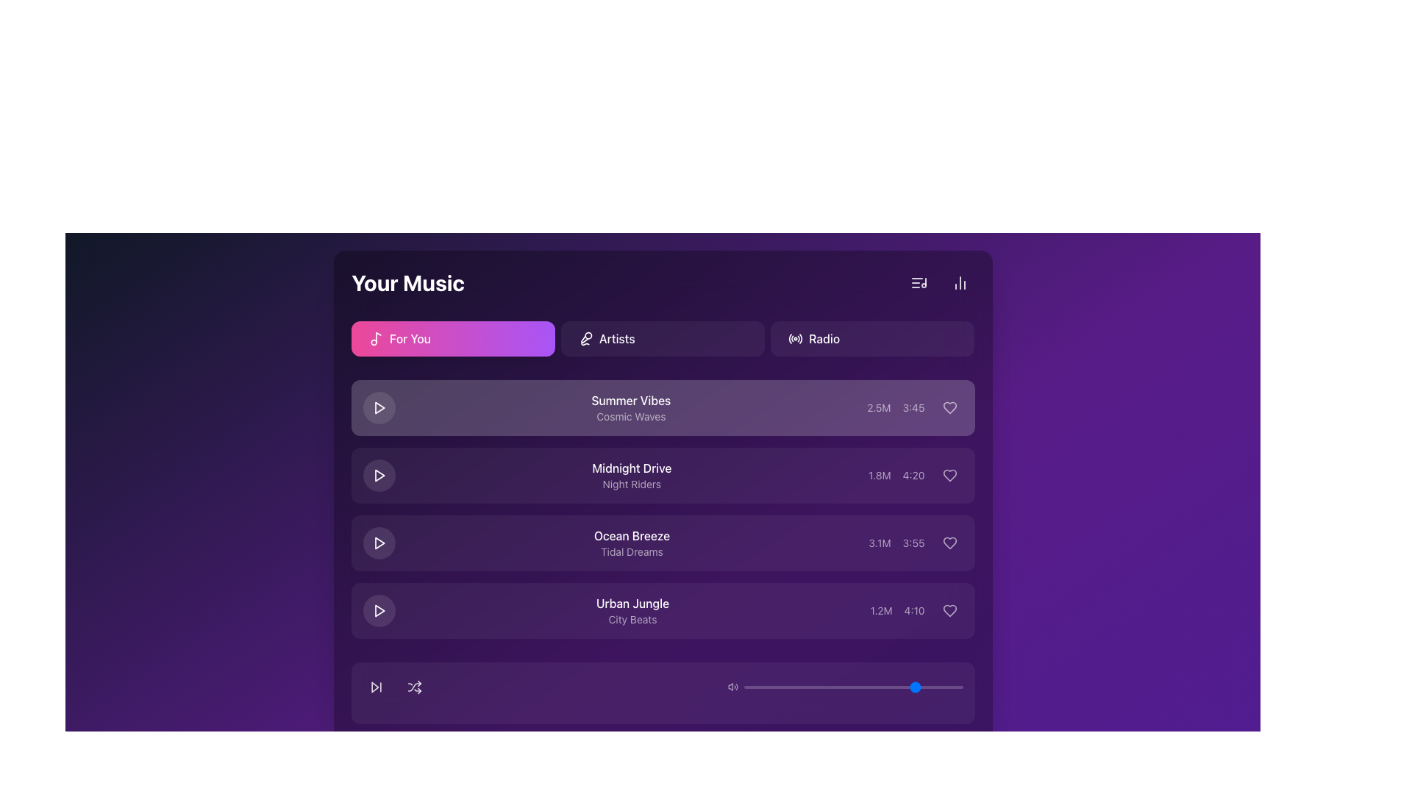 This screenshot has height=794, width=1412. What do you see at coordinates (915, 543) in the screenshot?
I see `the Informational component consisting of the text '3.1M' and '3:55', along with the heart icon, located in the lower-right corner of the row for the song 'Ocean Breeze'` at bounding box center [915, 543].